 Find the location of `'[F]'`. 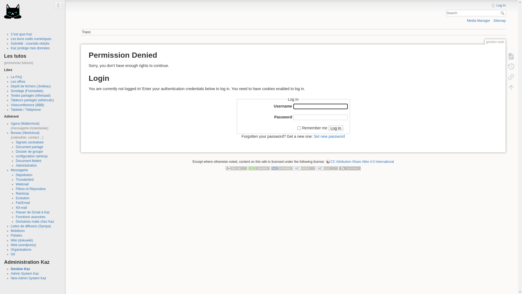

'[F]' is located at coordinates (446, 13).